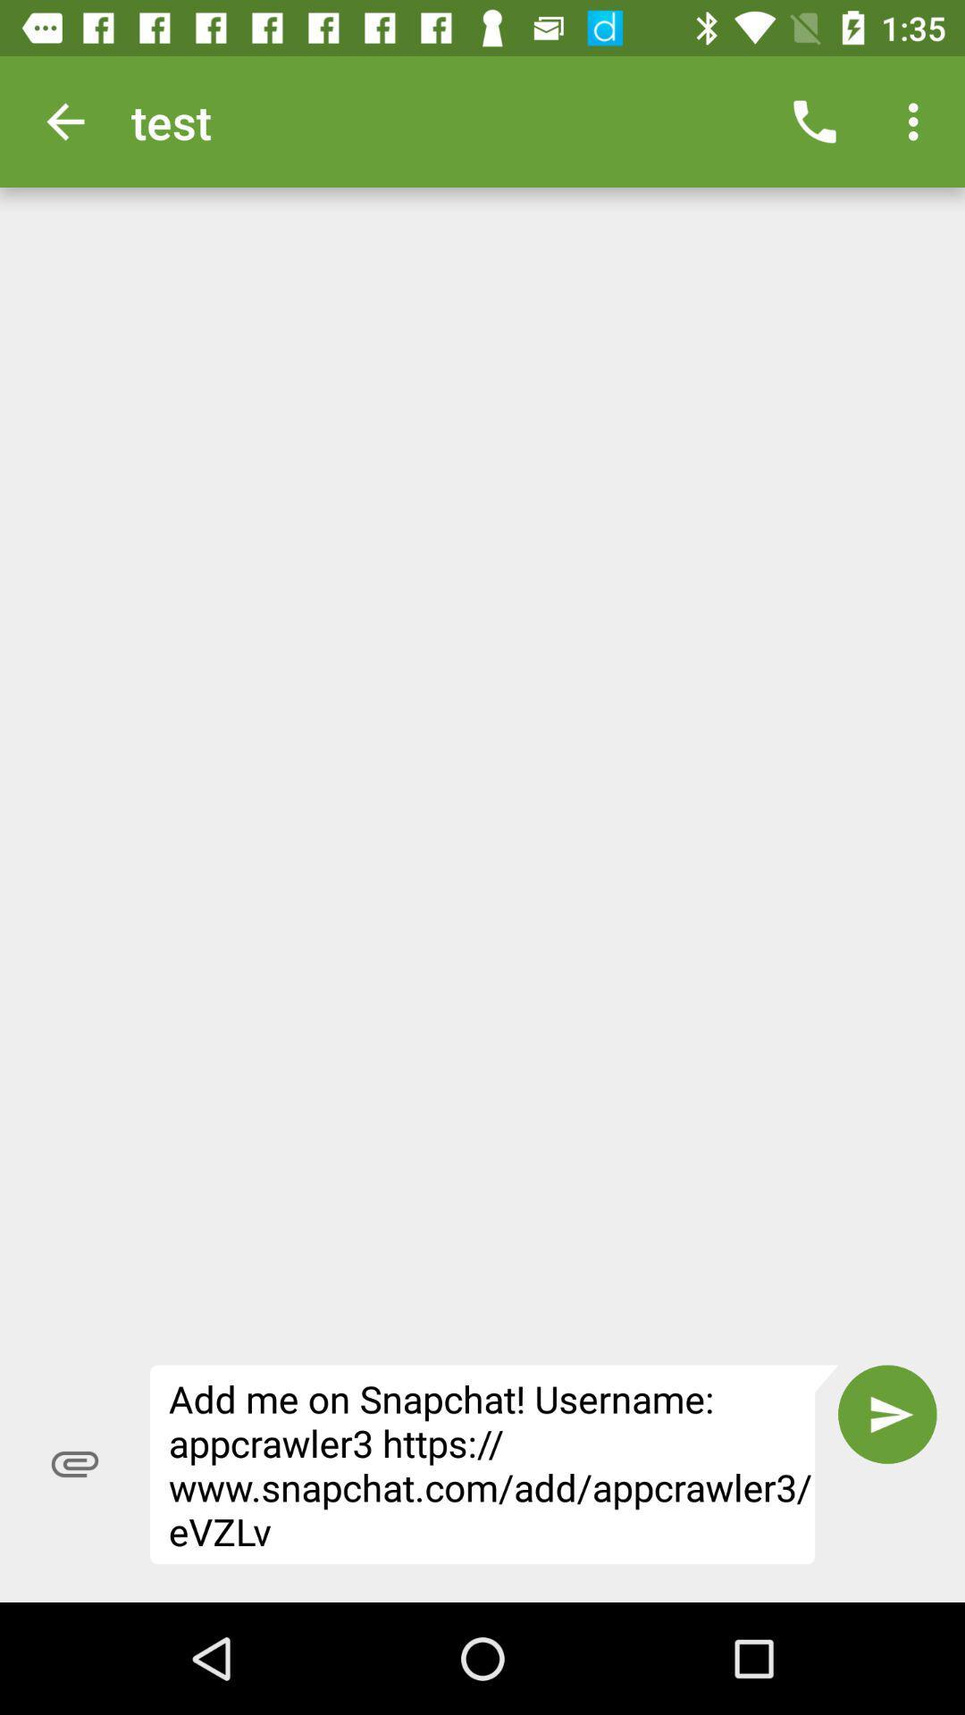 The width and height of the screenshot is (965, 1715). What do you see at coordinates (74, 1464) in the screenshot?
I see `the item to the left of the add me on item` at bounding box center [74, 1464].